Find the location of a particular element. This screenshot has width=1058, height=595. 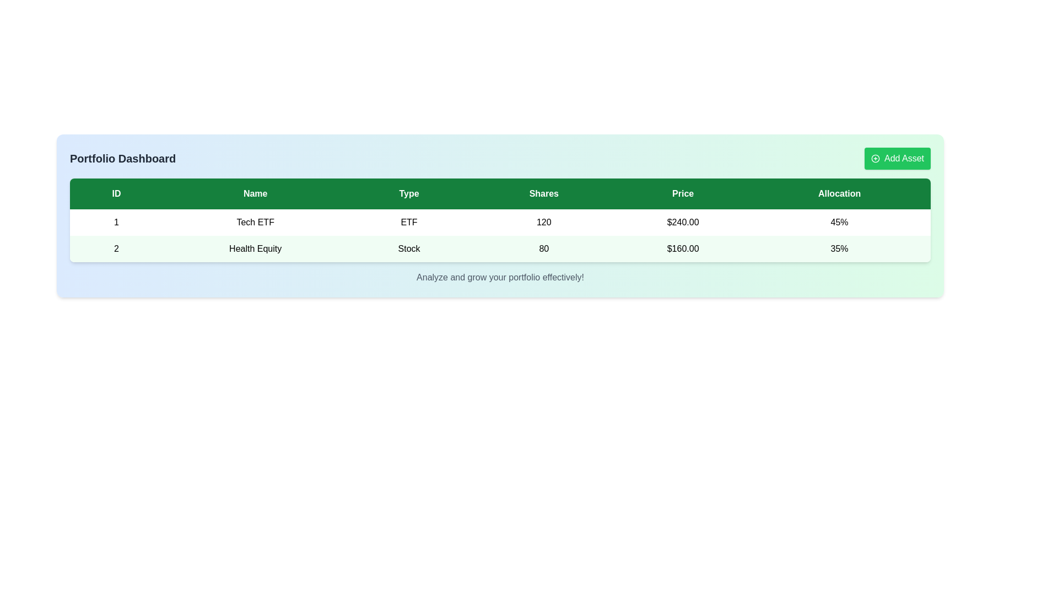

the text label displaying 'ETF' located in the first row of the table under the 'Type' column is located at coordinates (408, 223).